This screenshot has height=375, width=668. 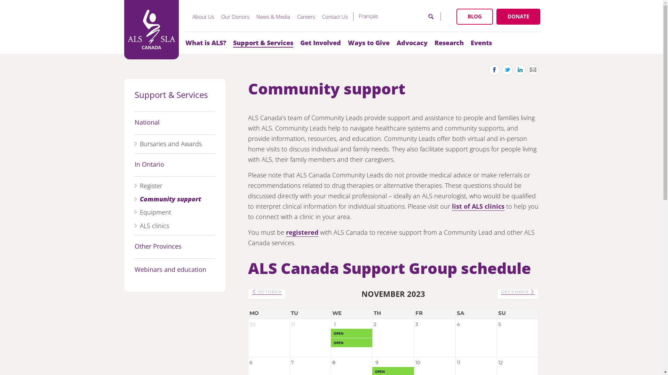 I want to click on 'Share by Email', so click(x=532, y=69).